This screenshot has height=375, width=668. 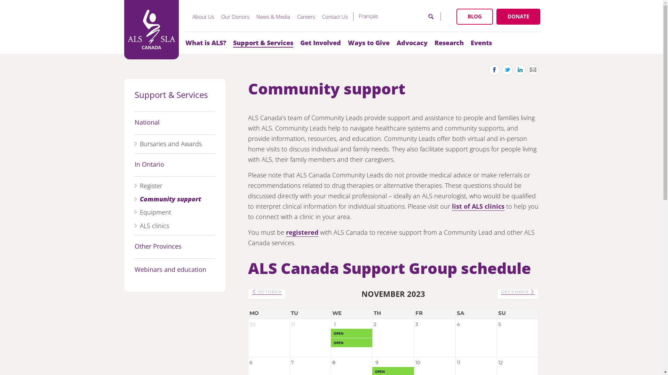 I want to click on 'Share by Email', so click(x=532, y=69).